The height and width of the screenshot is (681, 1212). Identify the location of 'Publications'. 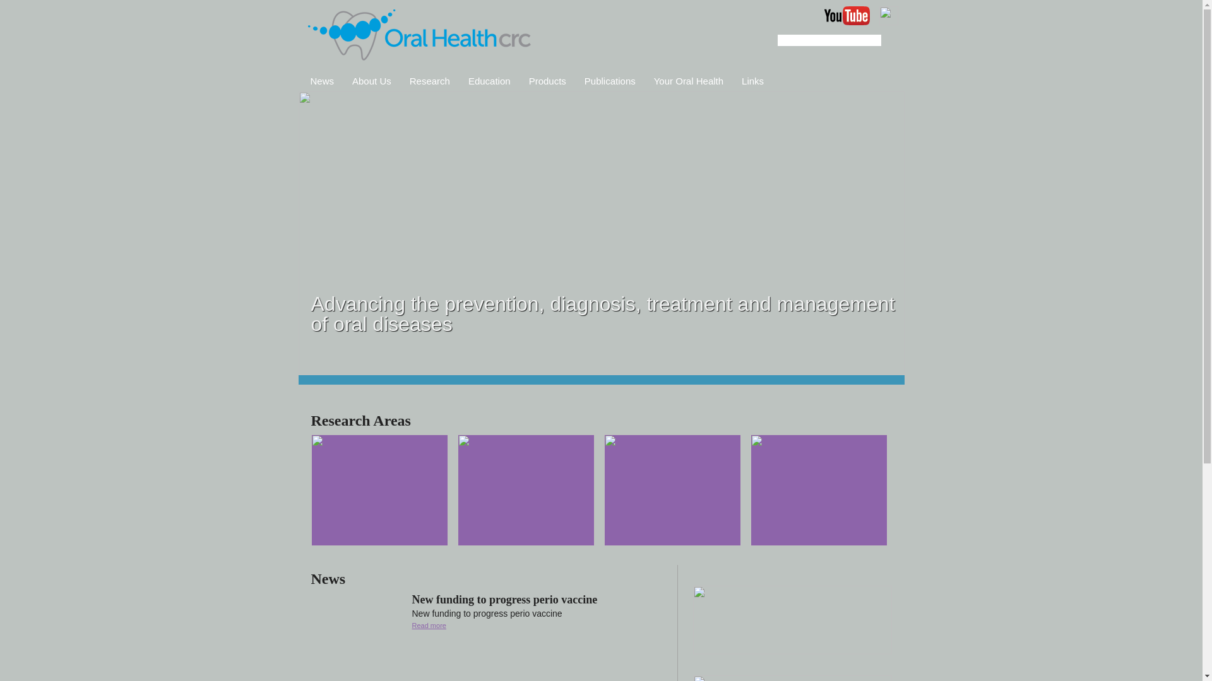
(610, 80).